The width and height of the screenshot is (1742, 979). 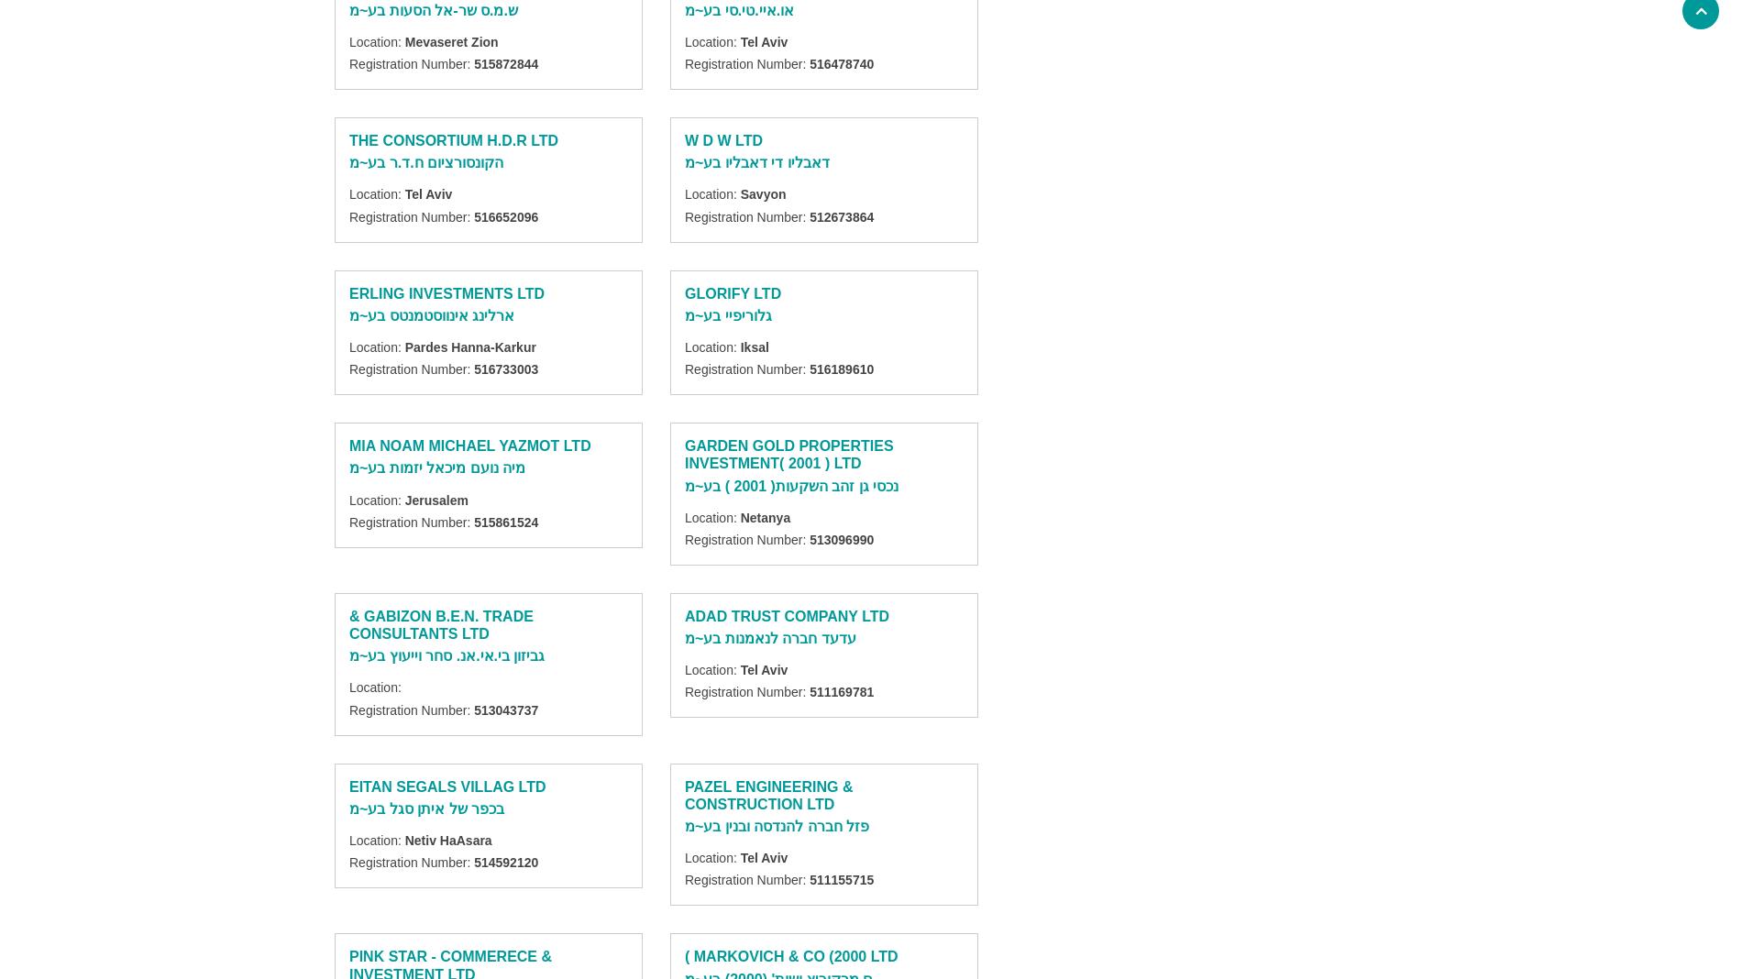 I want to click on 'נכסי גן זהב השקעות( 2001 ) בע~מ', so click(x=790, y=485).